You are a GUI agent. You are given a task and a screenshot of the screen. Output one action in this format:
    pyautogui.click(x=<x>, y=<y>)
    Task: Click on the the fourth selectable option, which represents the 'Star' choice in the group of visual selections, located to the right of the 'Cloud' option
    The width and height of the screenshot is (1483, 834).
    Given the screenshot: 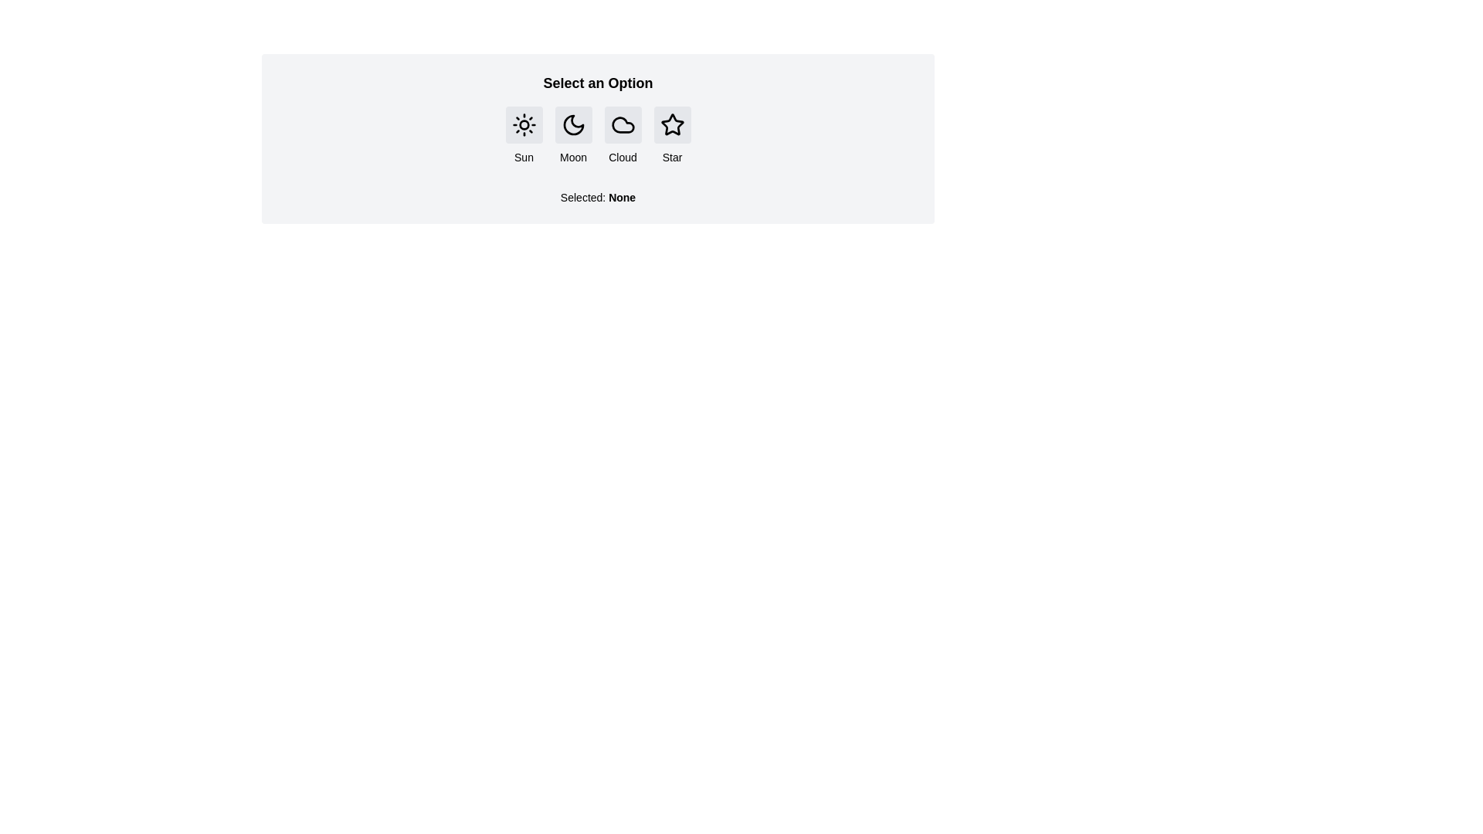 What is the action you would take?
    pyautogui.click(x=672, y=135)
    